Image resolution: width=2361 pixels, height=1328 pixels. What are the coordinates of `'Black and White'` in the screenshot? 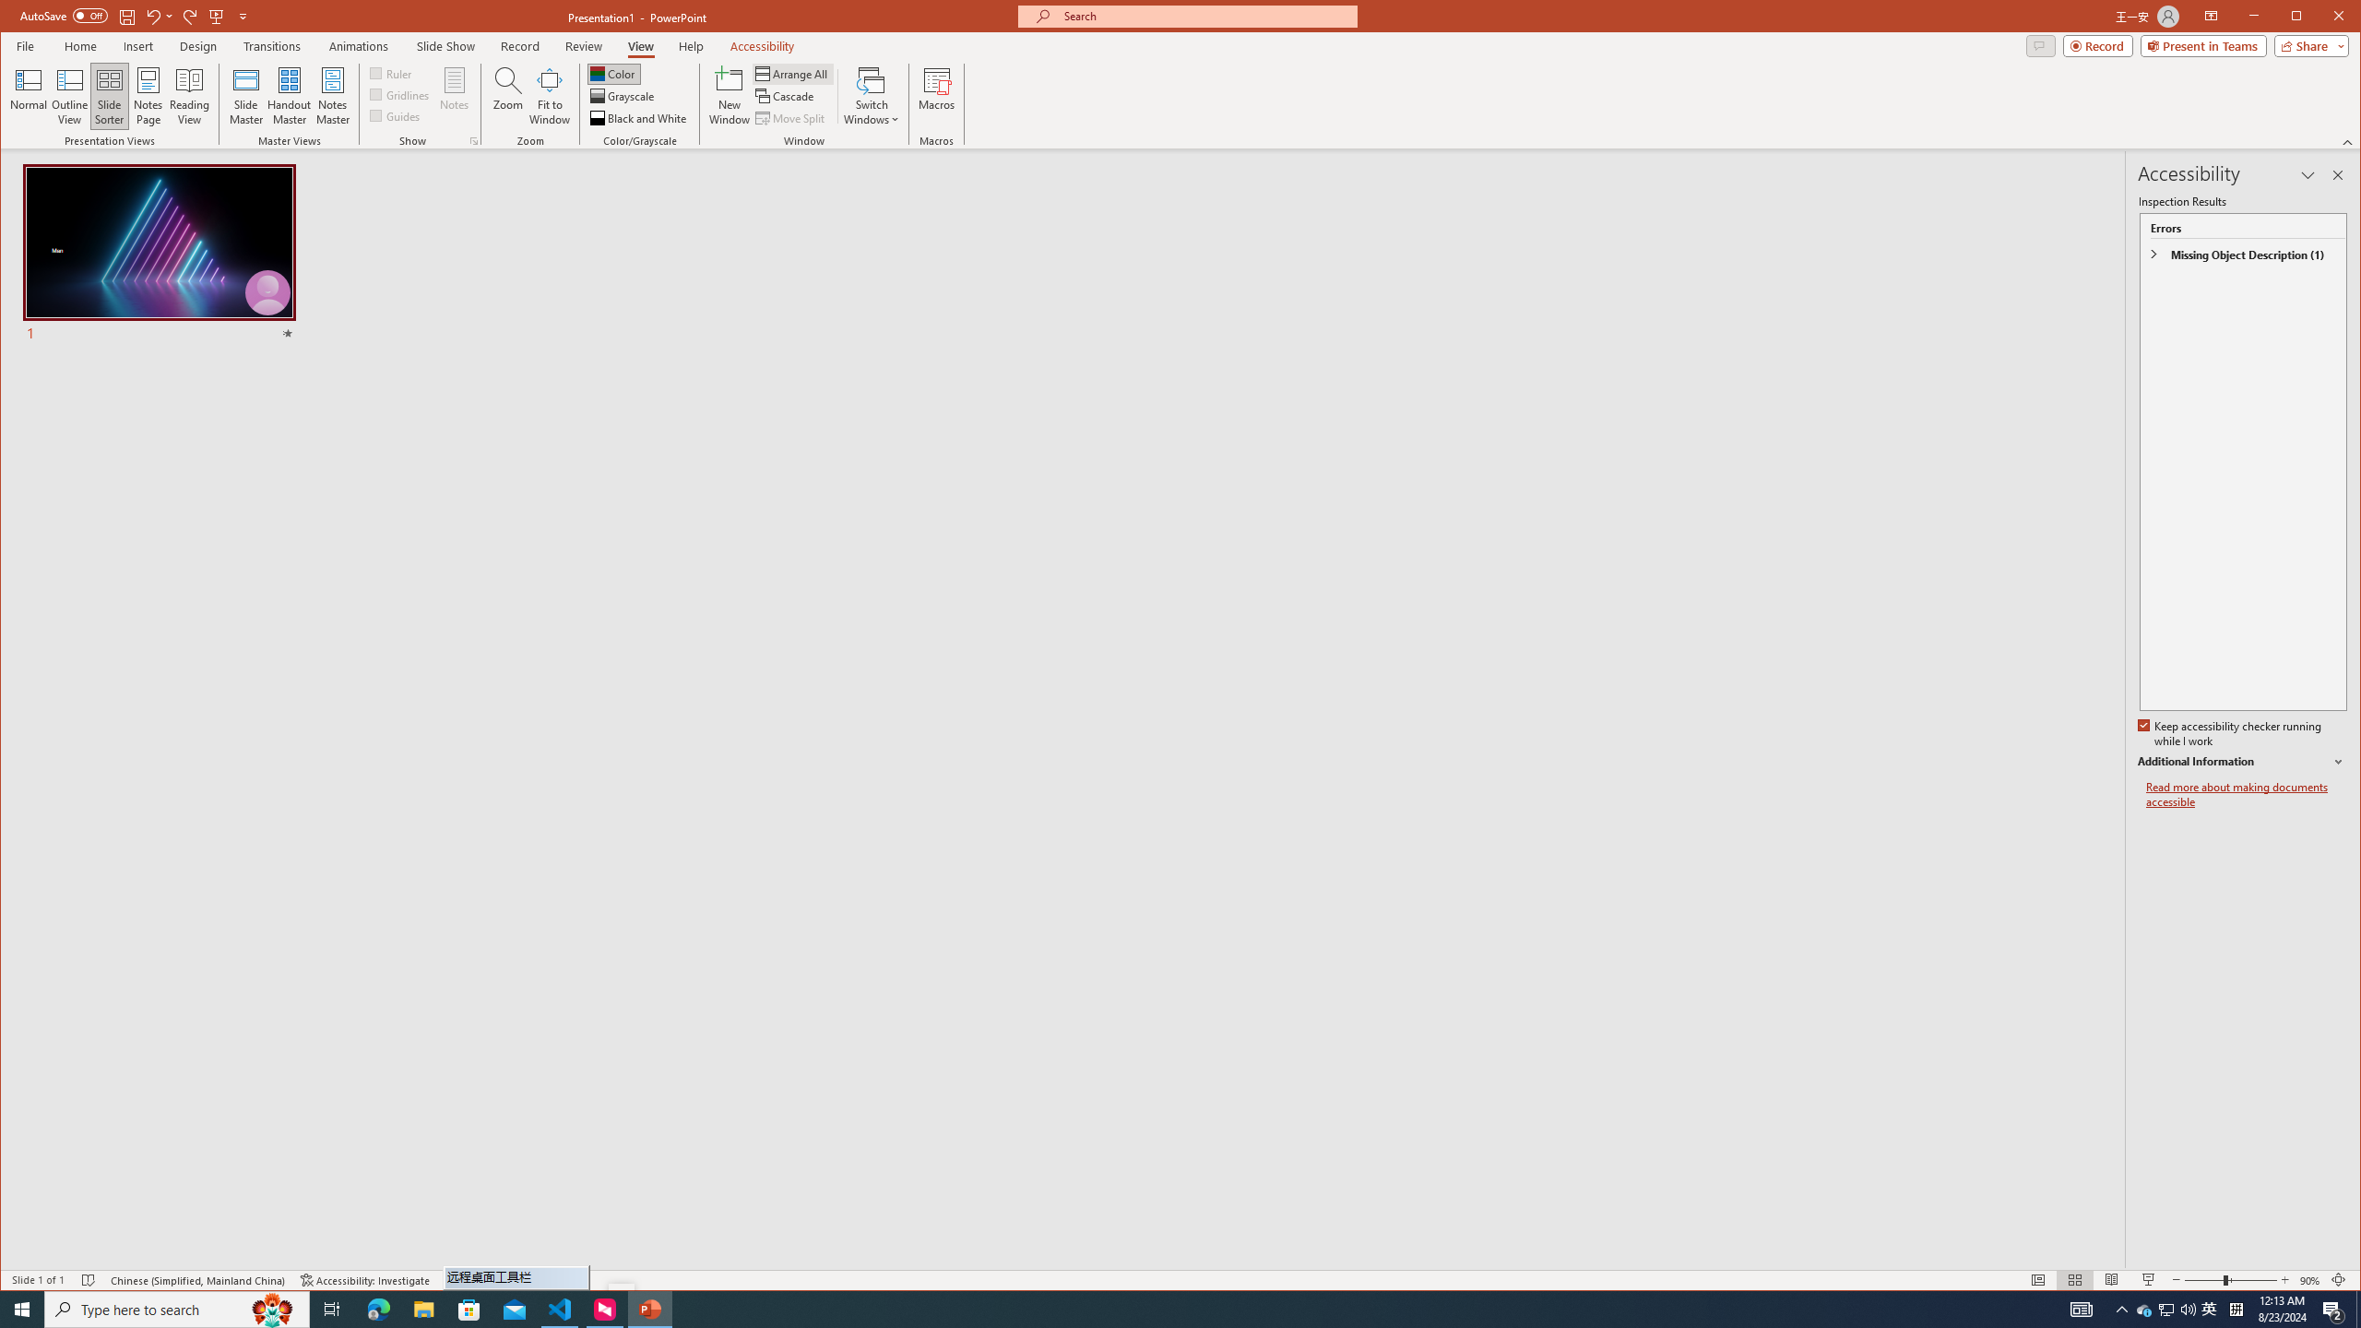 It's located at (638, 117).